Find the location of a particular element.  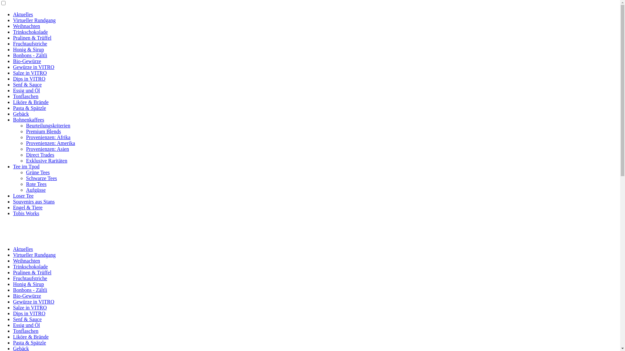

'Provenienzen: Asien' is located at coordinates (47, 149).